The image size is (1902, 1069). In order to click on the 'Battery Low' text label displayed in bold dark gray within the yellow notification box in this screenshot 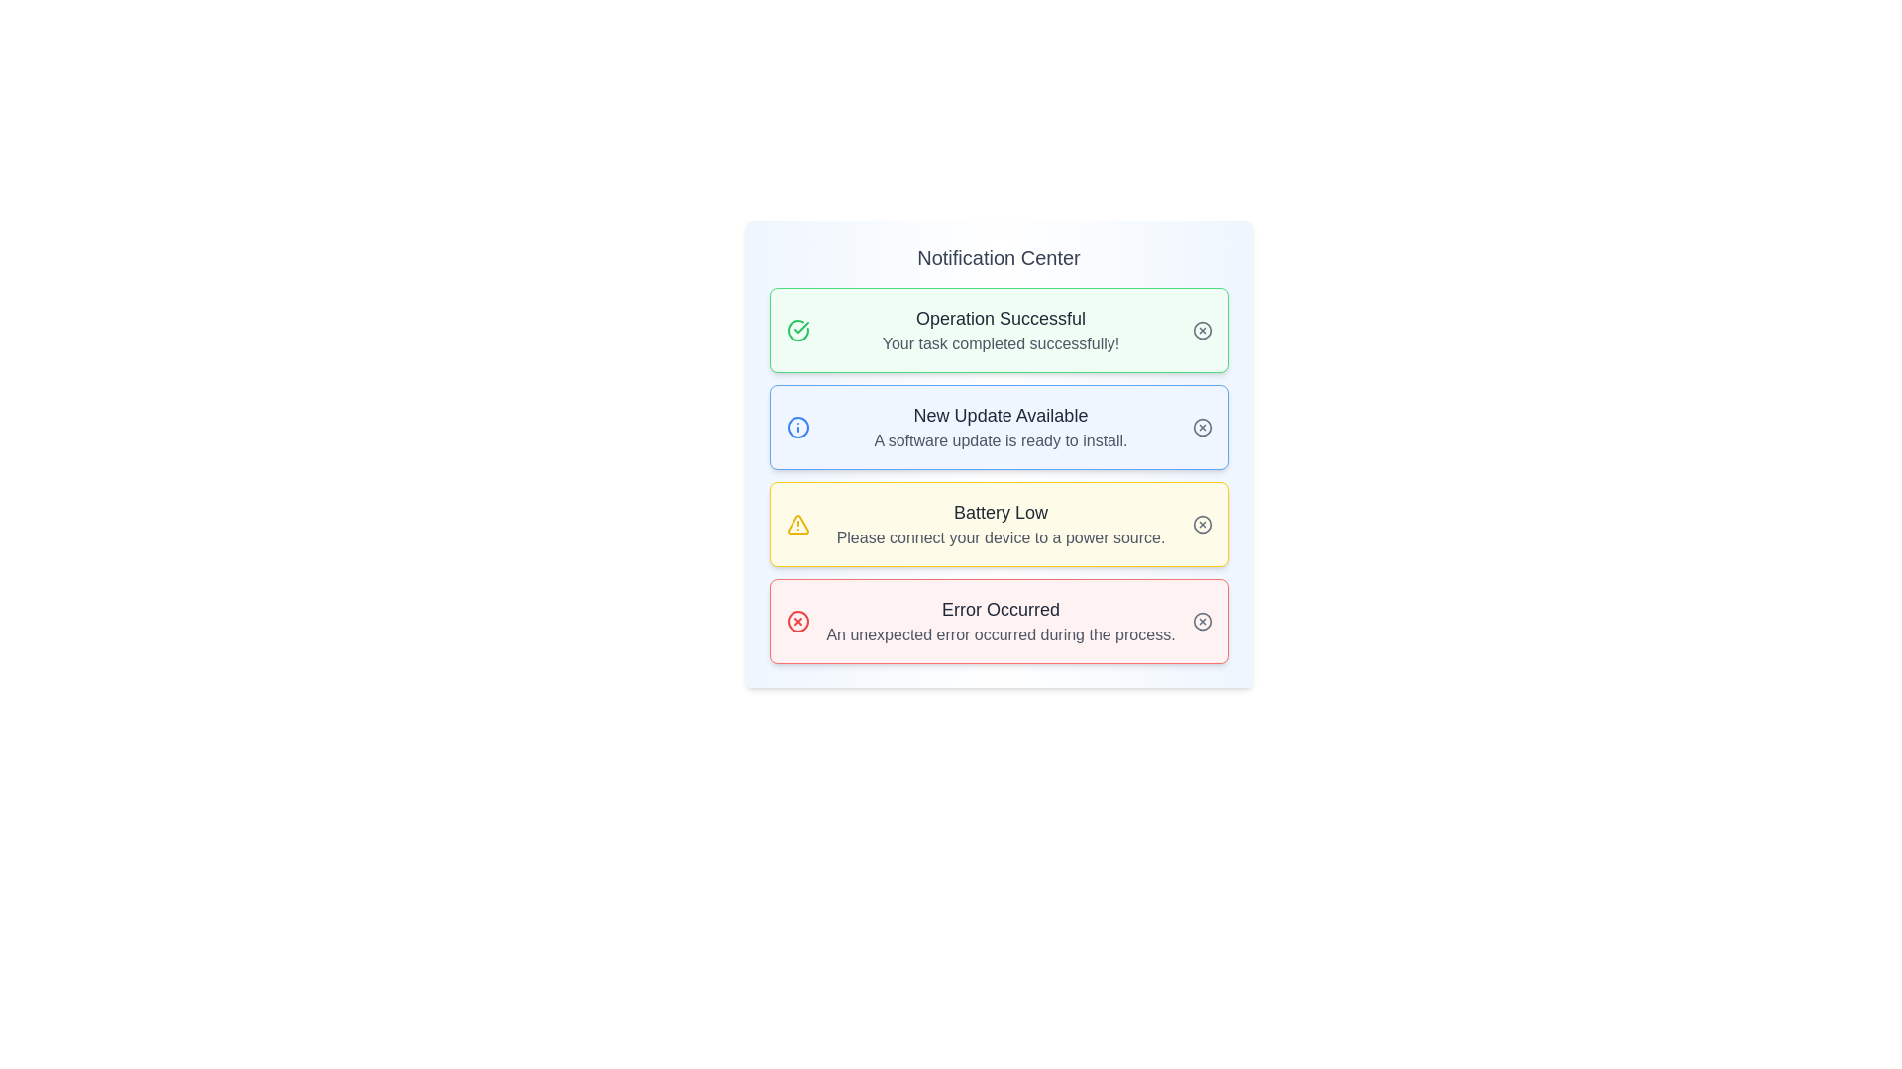, I will do `click(1001, 511)`.